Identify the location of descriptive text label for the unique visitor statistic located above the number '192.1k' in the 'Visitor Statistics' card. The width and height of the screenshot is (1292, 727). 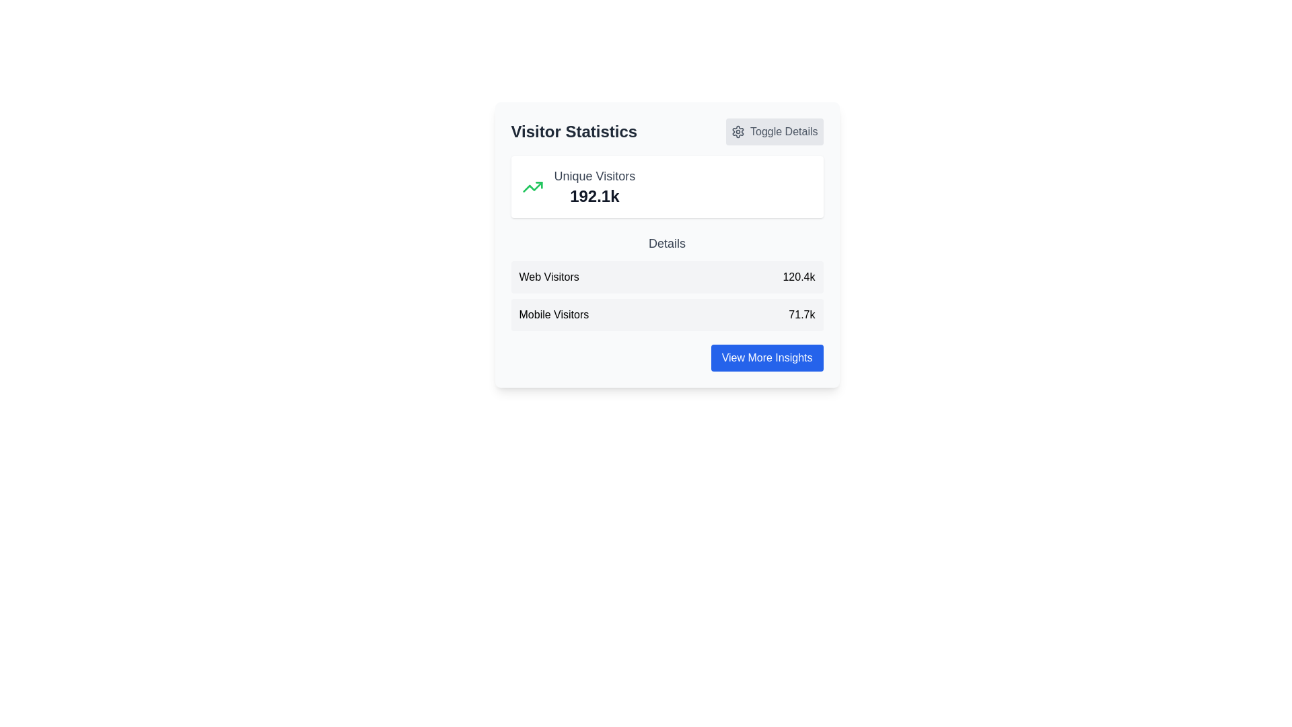
(594, 176).